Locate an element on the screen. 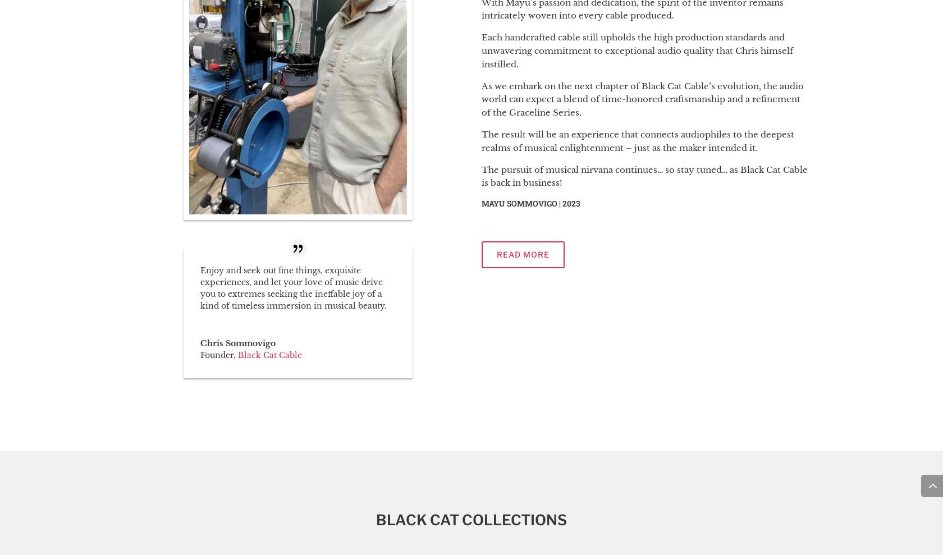 Image resolution: width=943 pixels, height=555 pixels. 'As we embark on the next chapter of Black Cat Cable’s evolution, the audio world can expect a blend of time-honored craftsmanship and a refinement of the Graceline Series.' is located at coordinates (642, 99).